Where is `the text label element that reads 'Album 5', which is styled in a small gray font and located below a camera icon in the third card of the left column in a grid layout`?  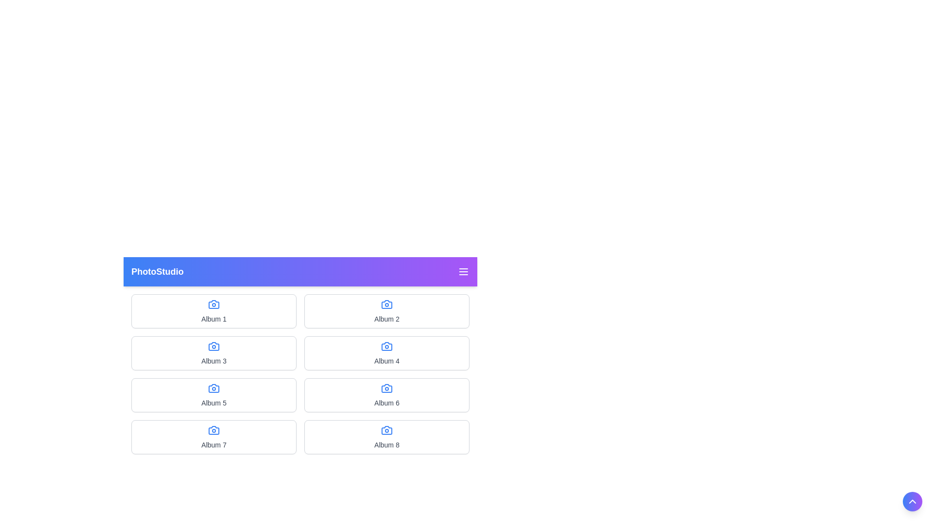 the text label element that reads 'Album 5', which is styled in a small gray font and located below a camera icon in the third card of the left column in a grid layout is located at coordinates (213, 403).